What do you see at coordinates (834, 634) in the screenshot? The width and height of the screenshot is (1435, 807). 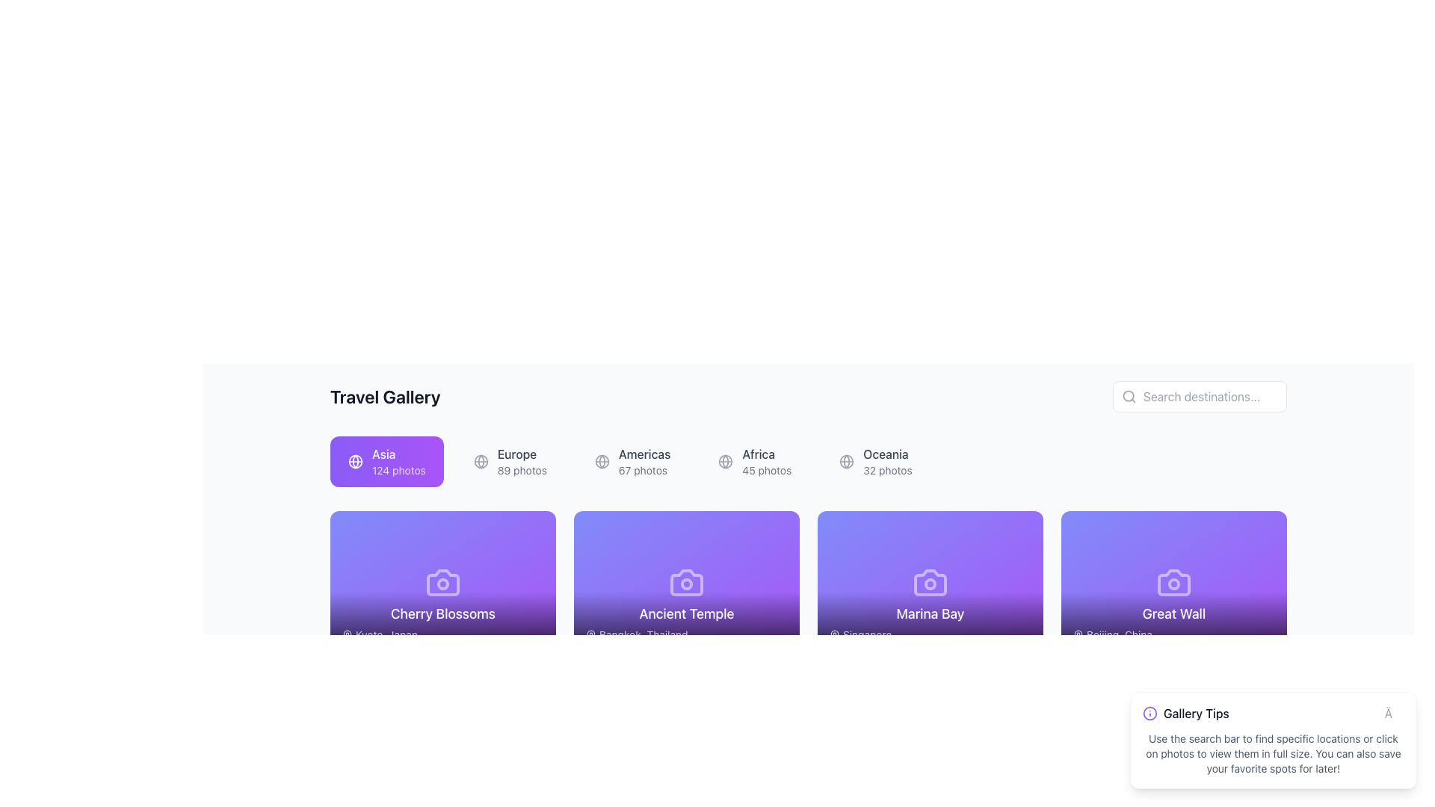 I see `the pin-shaped icon indicating a geographic location next to the label 'Singapore' in the 'Marina Bay' card` at bounding box center [834, 634].